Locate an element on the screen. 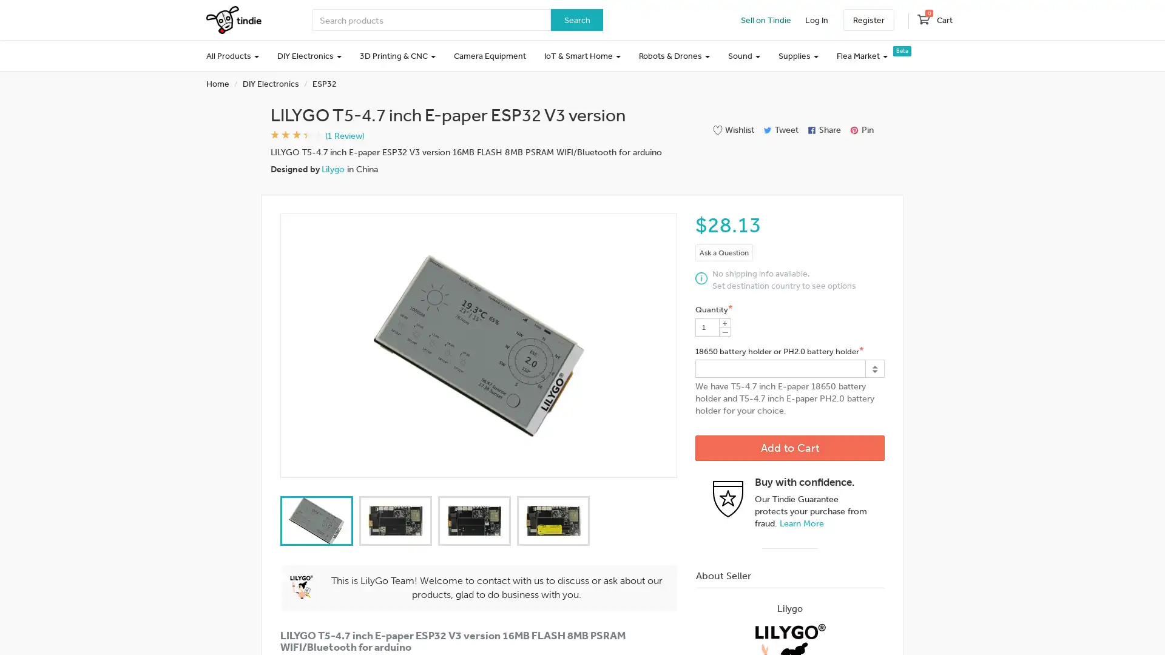 The height and width of the screenshot is (655, 1165). Add to Cart is located at coordinates (789, 448).